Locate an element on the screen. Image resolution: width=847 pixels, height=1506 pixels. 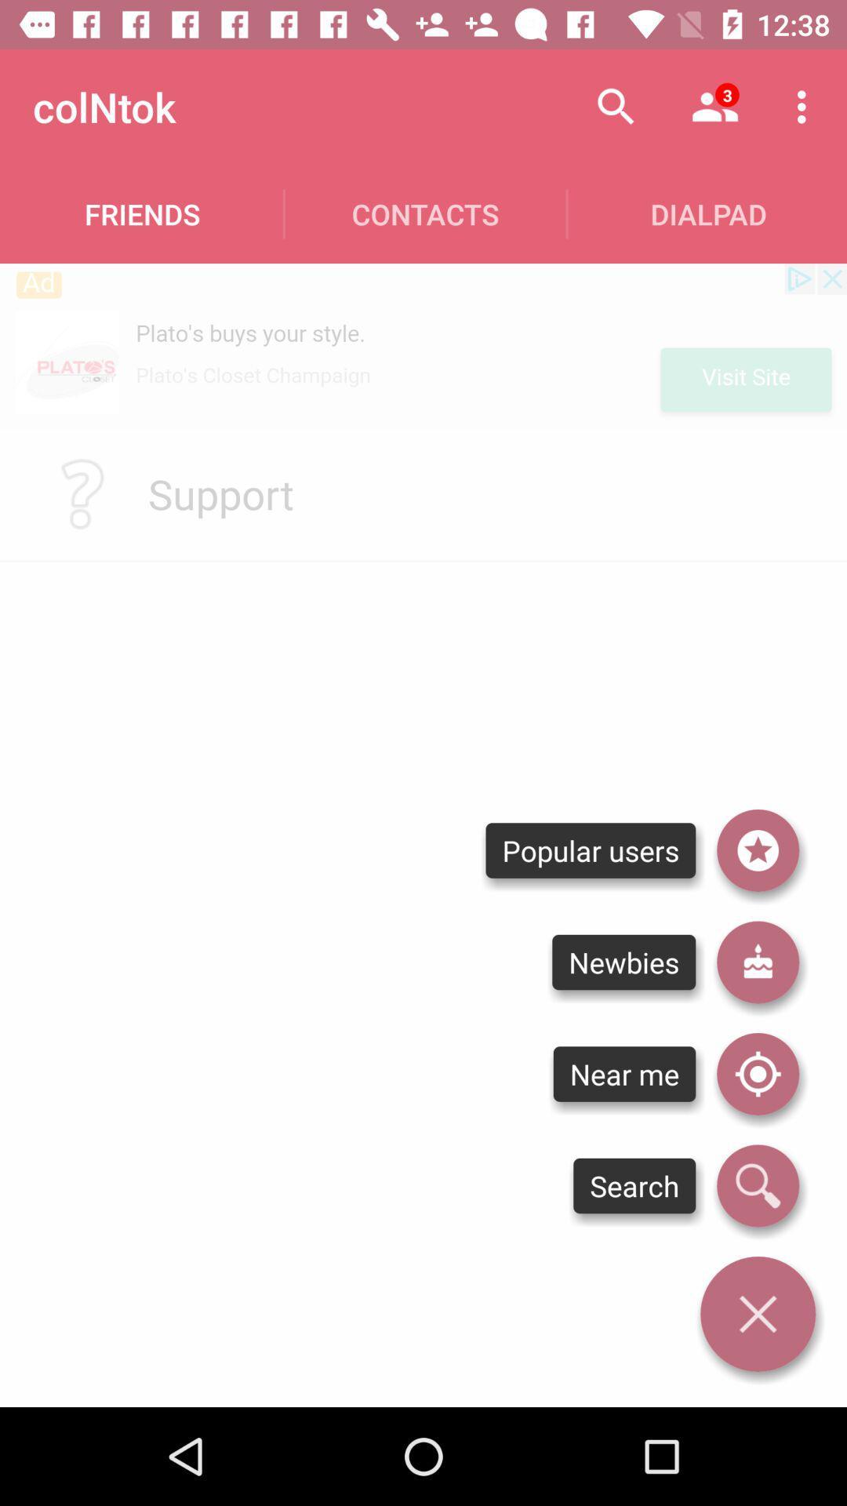
location is located at coordinates (757, 1073).